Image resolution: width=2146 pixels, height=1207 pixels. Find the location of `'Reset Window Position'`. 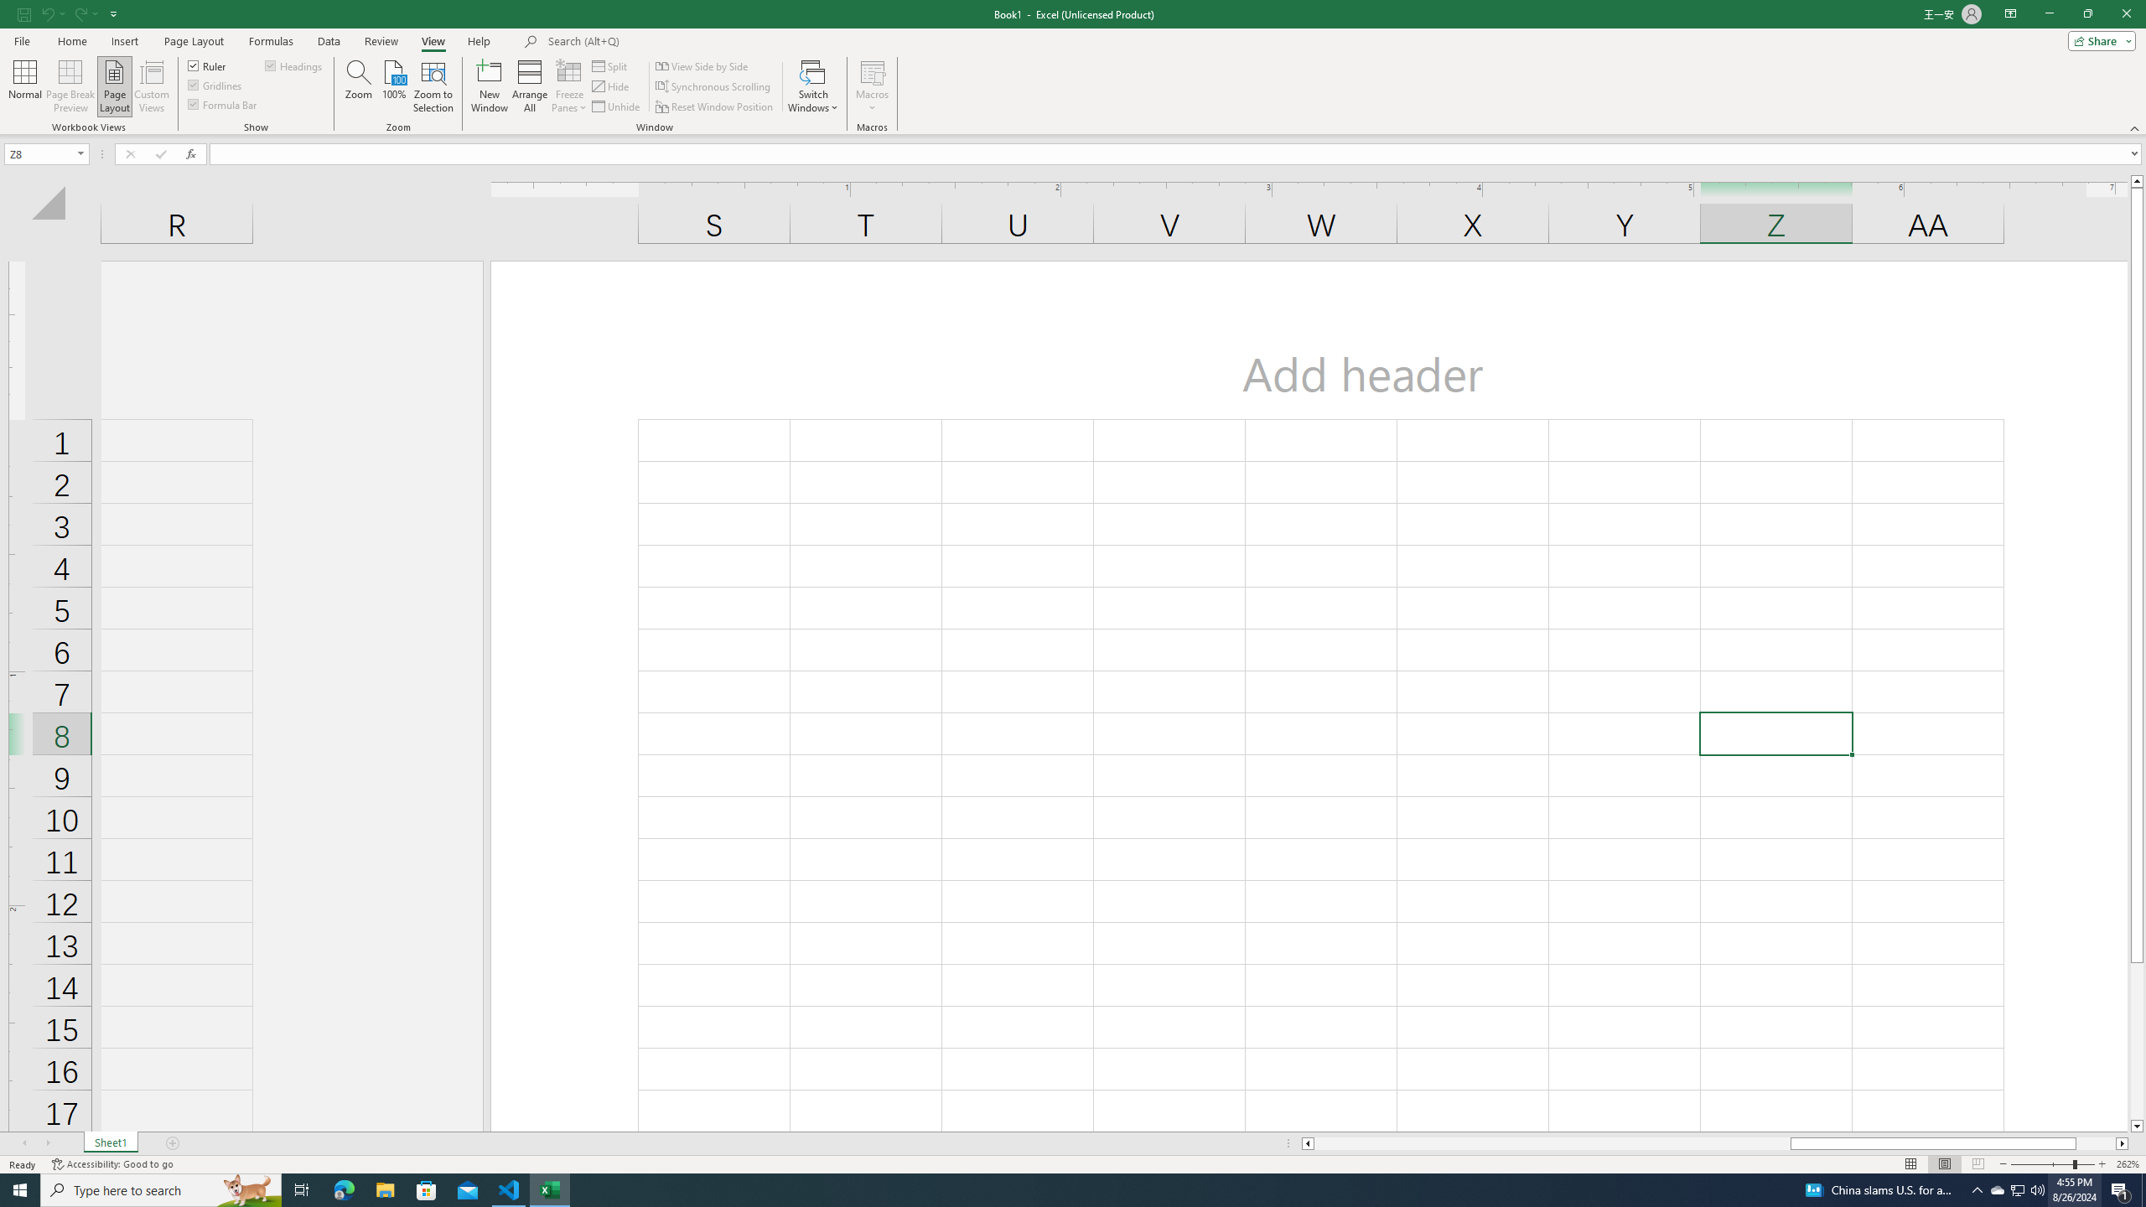

'Reset Window Position' is located at coordinates (714, 106).